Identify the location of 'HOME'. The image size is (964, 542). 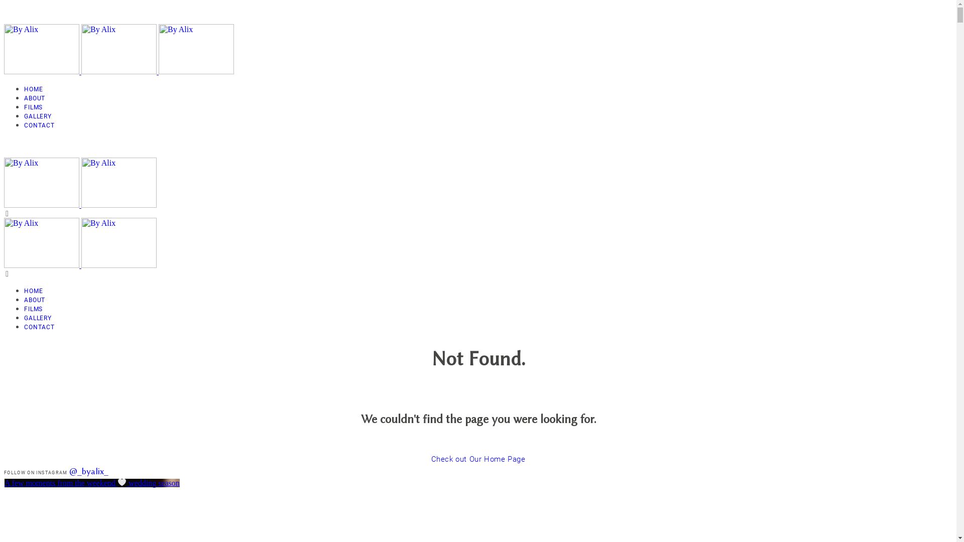
(33, 291).